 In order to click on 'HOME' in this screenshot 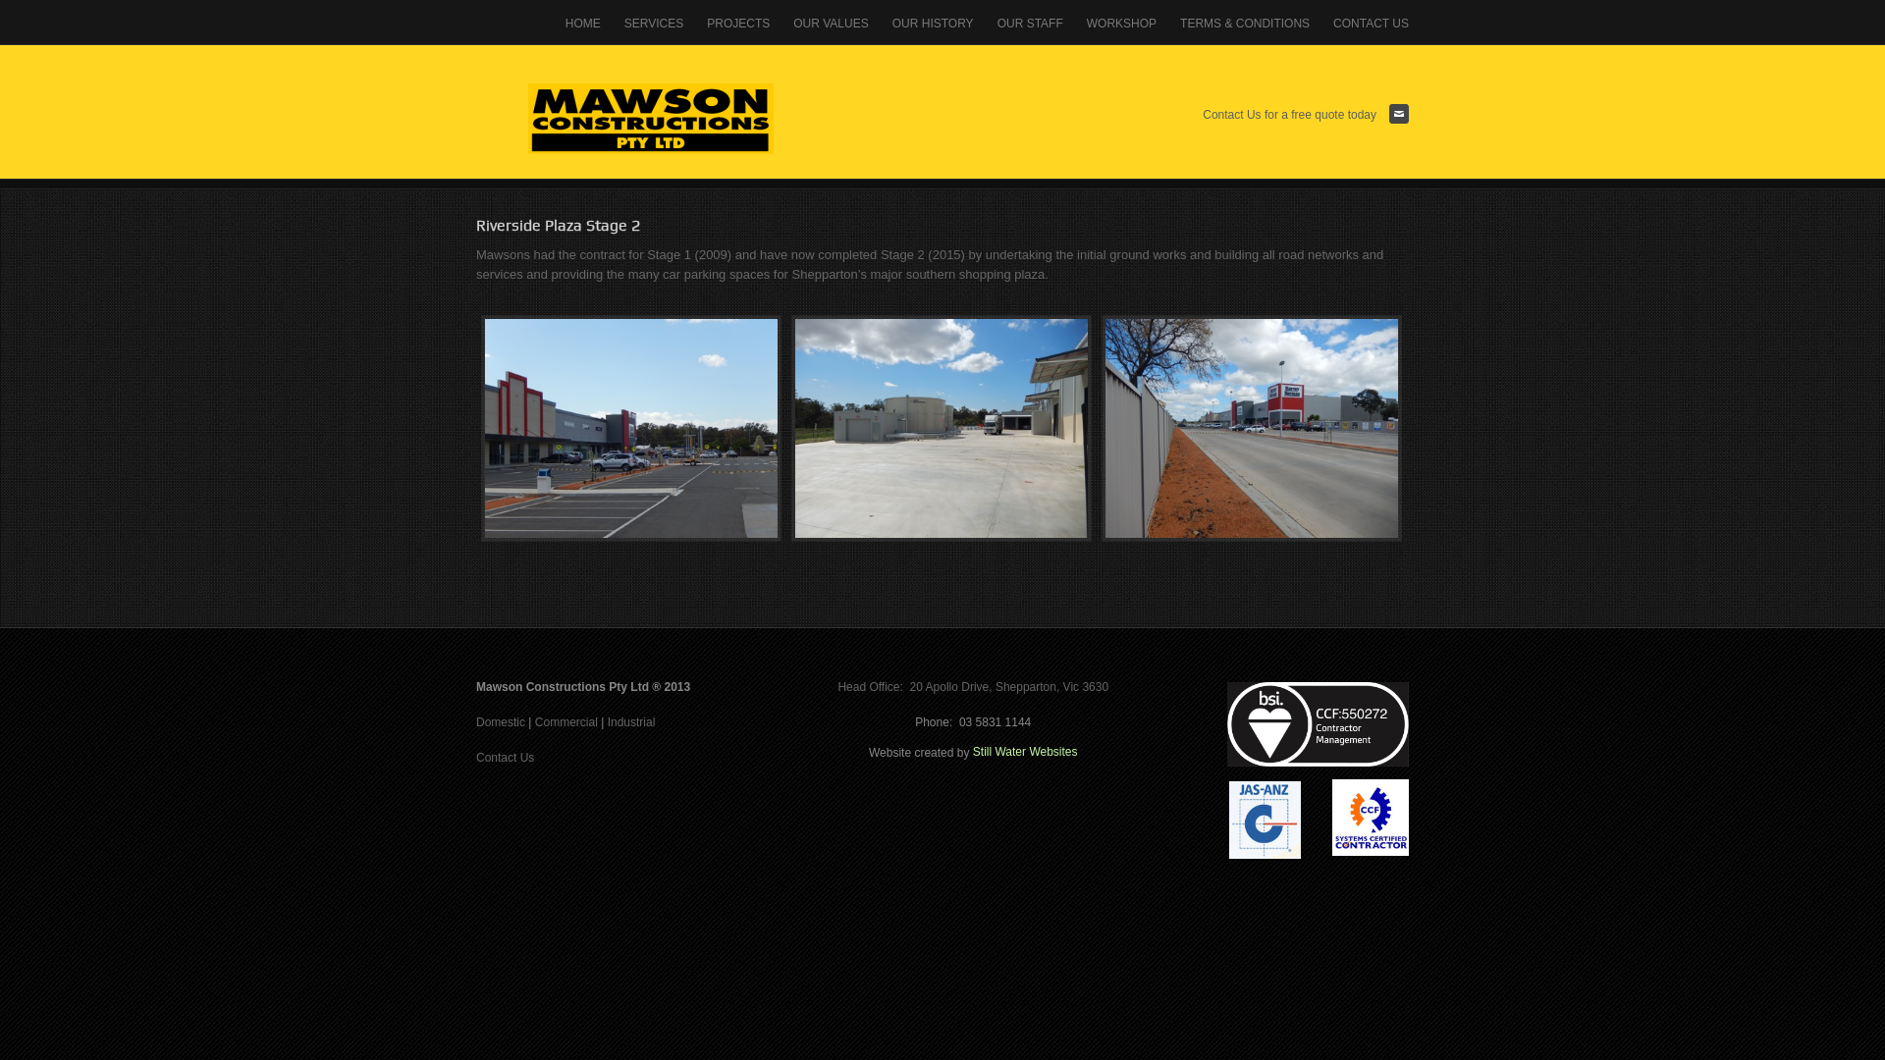, I will do `click(582, 22)`.